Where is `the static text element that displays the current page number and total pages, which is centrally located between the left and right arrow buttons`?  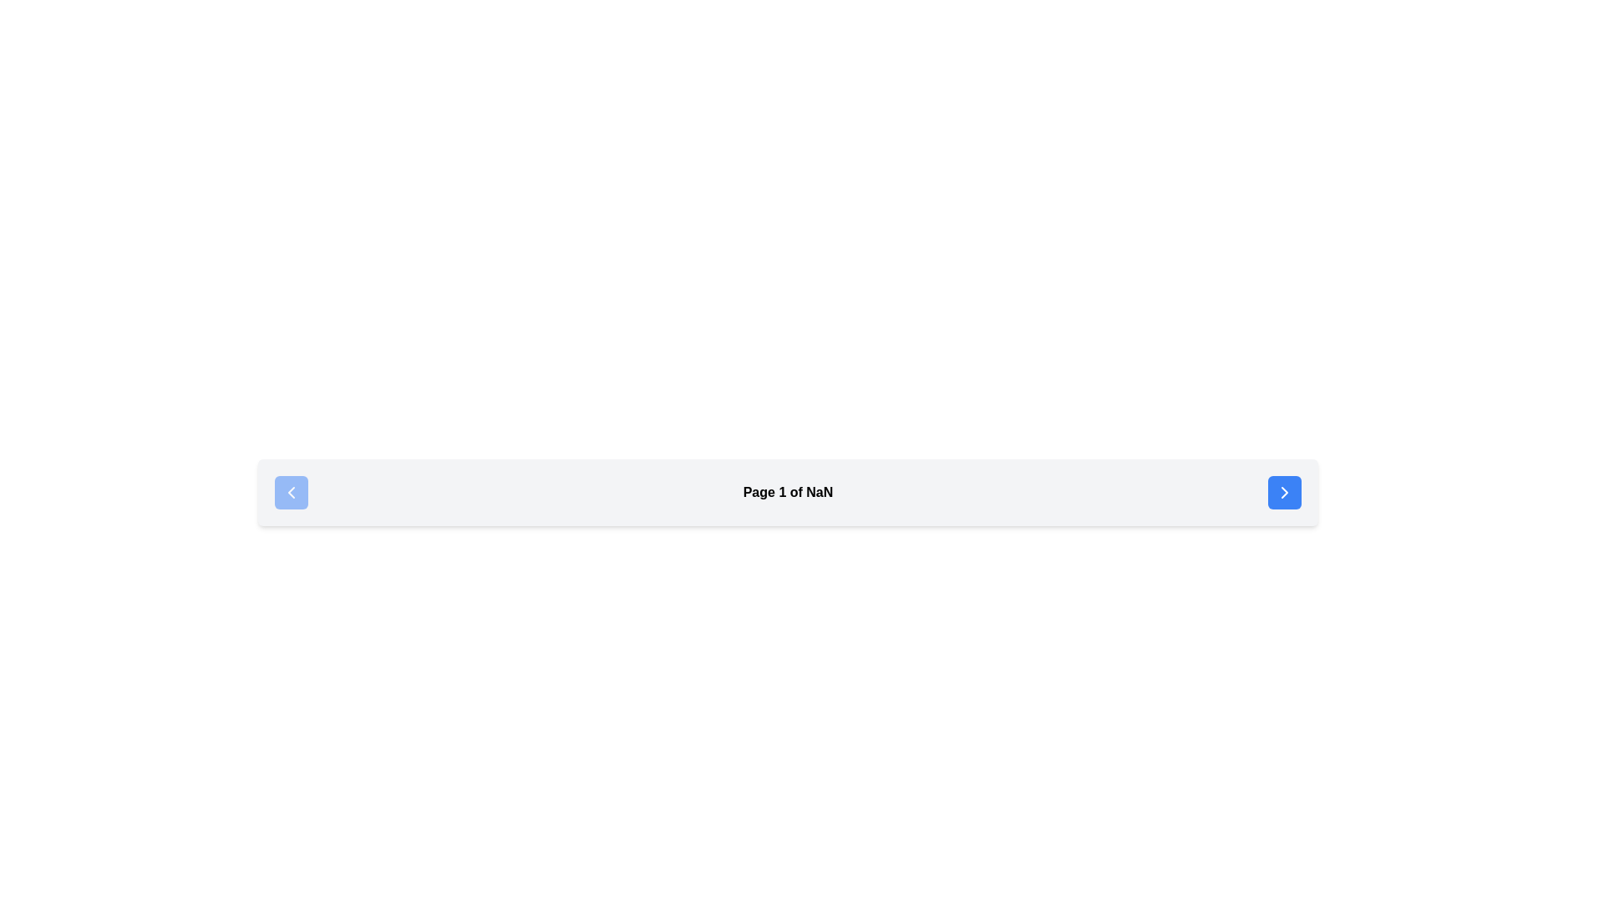 the static text element that displays the current page number and total pages, which is centrally located between the left and right arrow buttons is located at coordinates (787, 492).